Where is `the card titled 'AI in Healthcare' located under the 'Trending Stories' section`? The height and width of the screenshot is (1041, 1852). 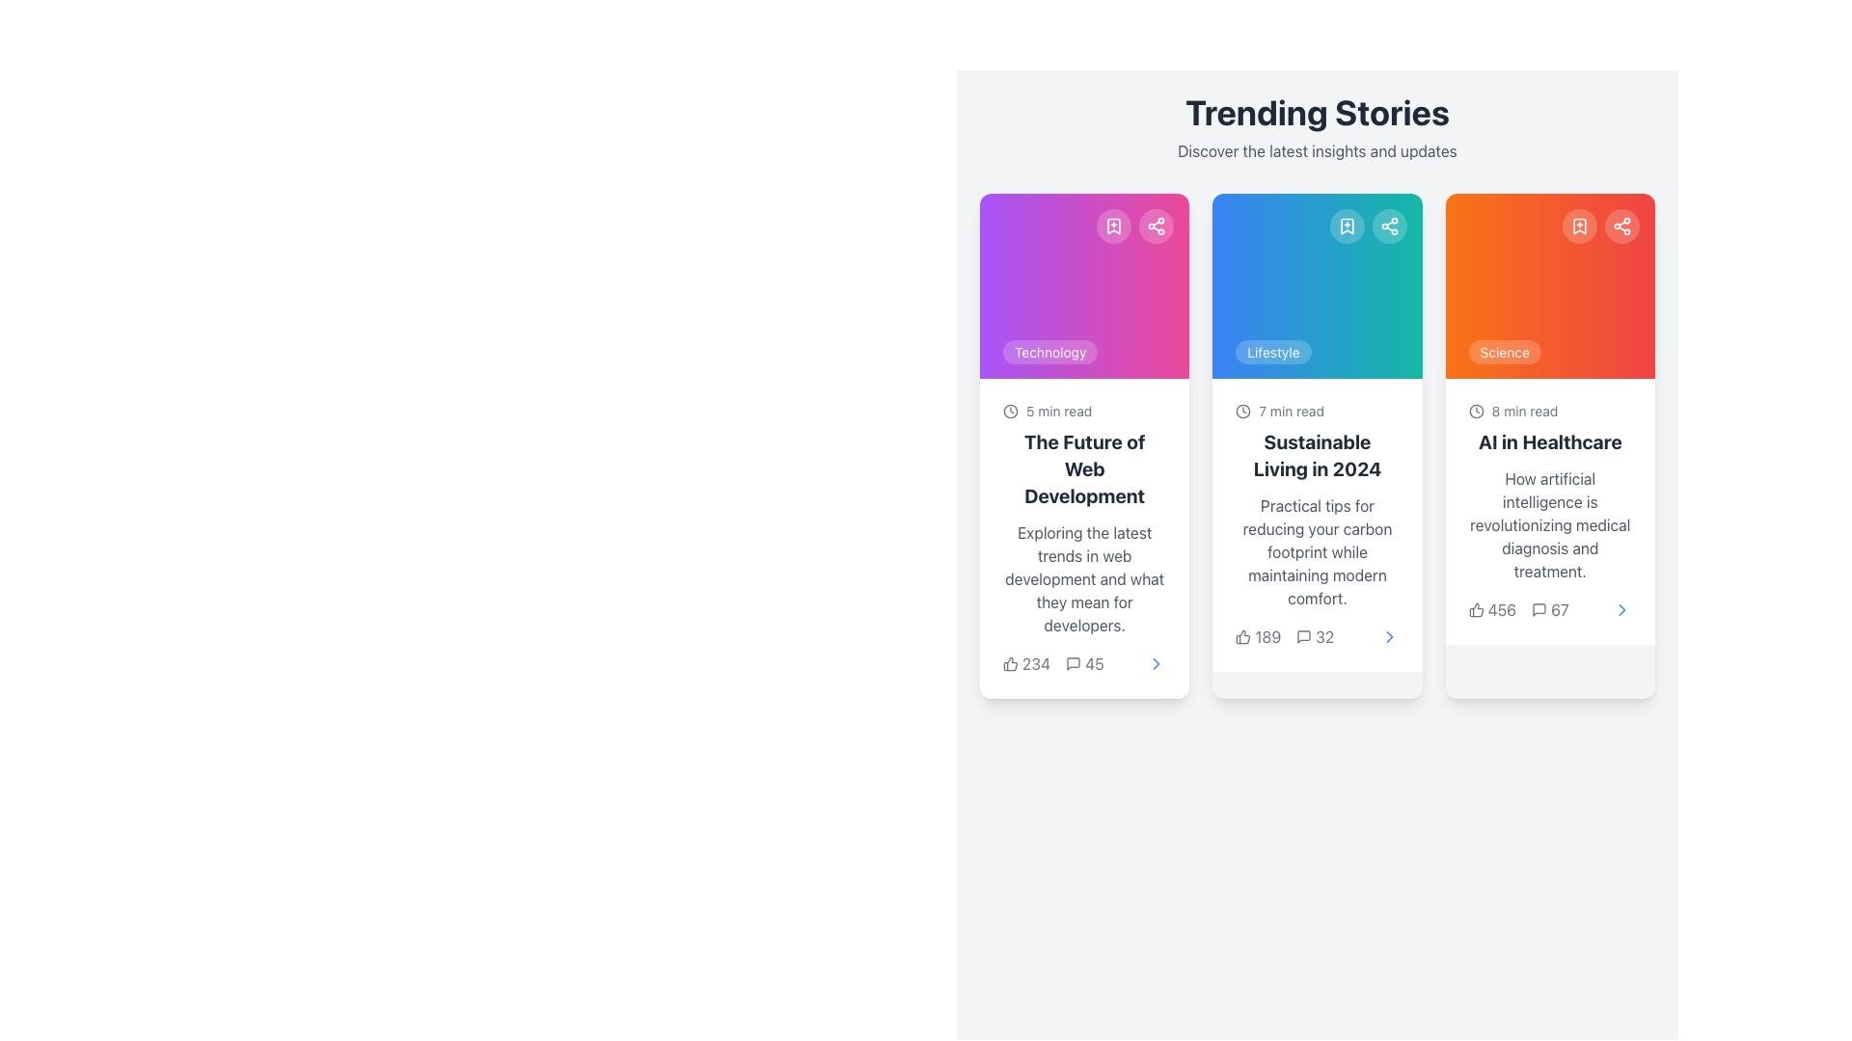
the card titled 'AI in Healthcare' located under the 'Trending Stories' section is located at coordinates (1550, 511).